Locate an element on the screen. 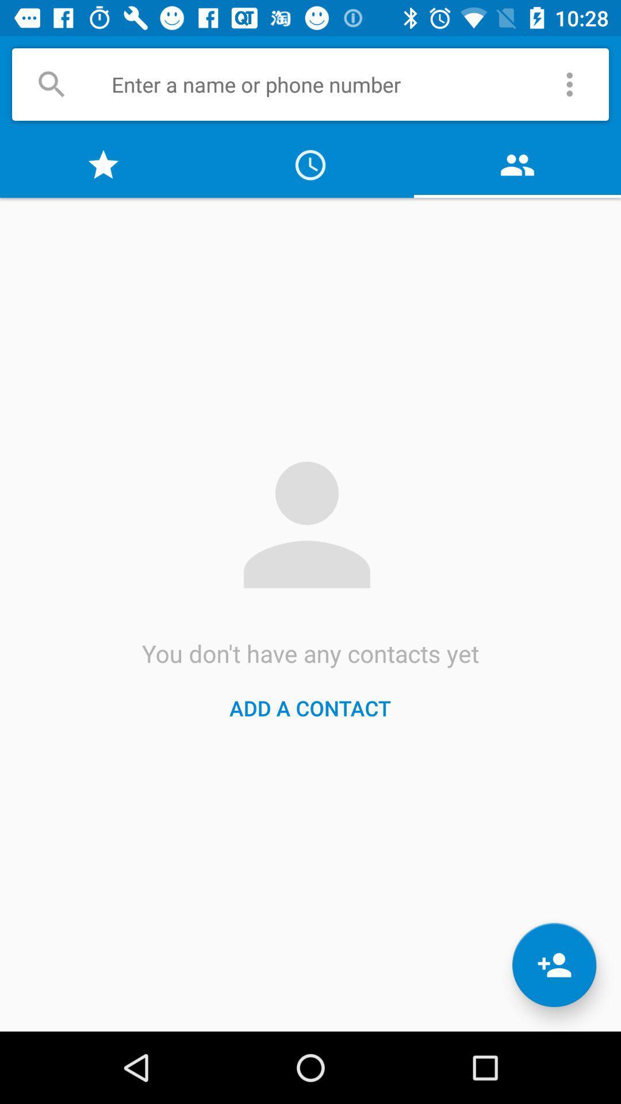  the follow icon is located at coordinates (554, 965).